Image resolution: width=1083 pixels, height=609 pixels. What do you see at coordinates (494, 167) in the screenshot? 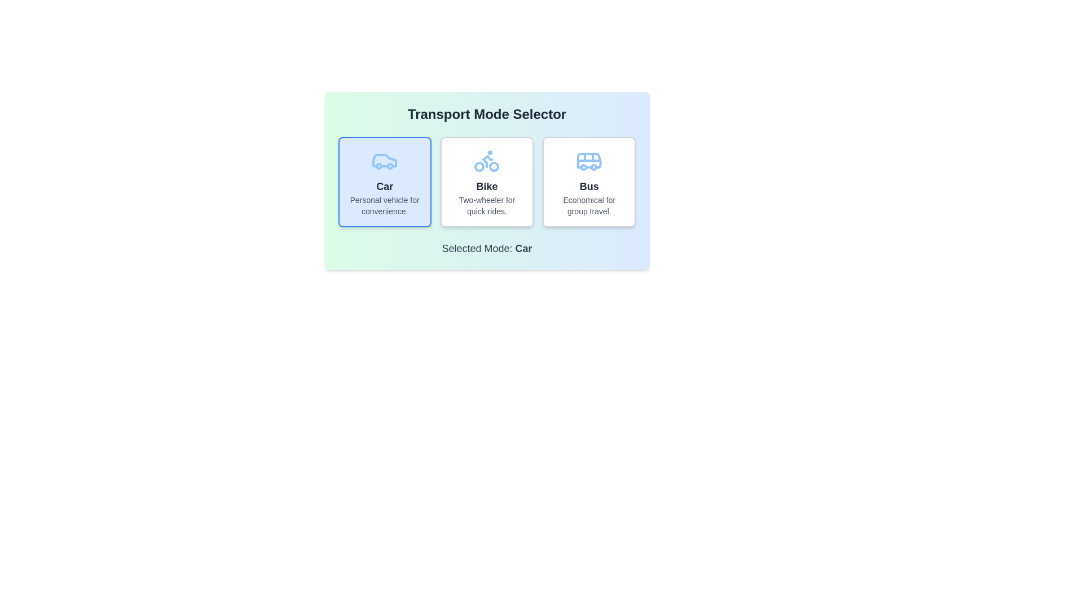
I see `the rightmost circular SVG shape representing the rear wheel of the bike in the 'Transport Mode Selector' section using assistive technologies` at bounding box center [494, 167].